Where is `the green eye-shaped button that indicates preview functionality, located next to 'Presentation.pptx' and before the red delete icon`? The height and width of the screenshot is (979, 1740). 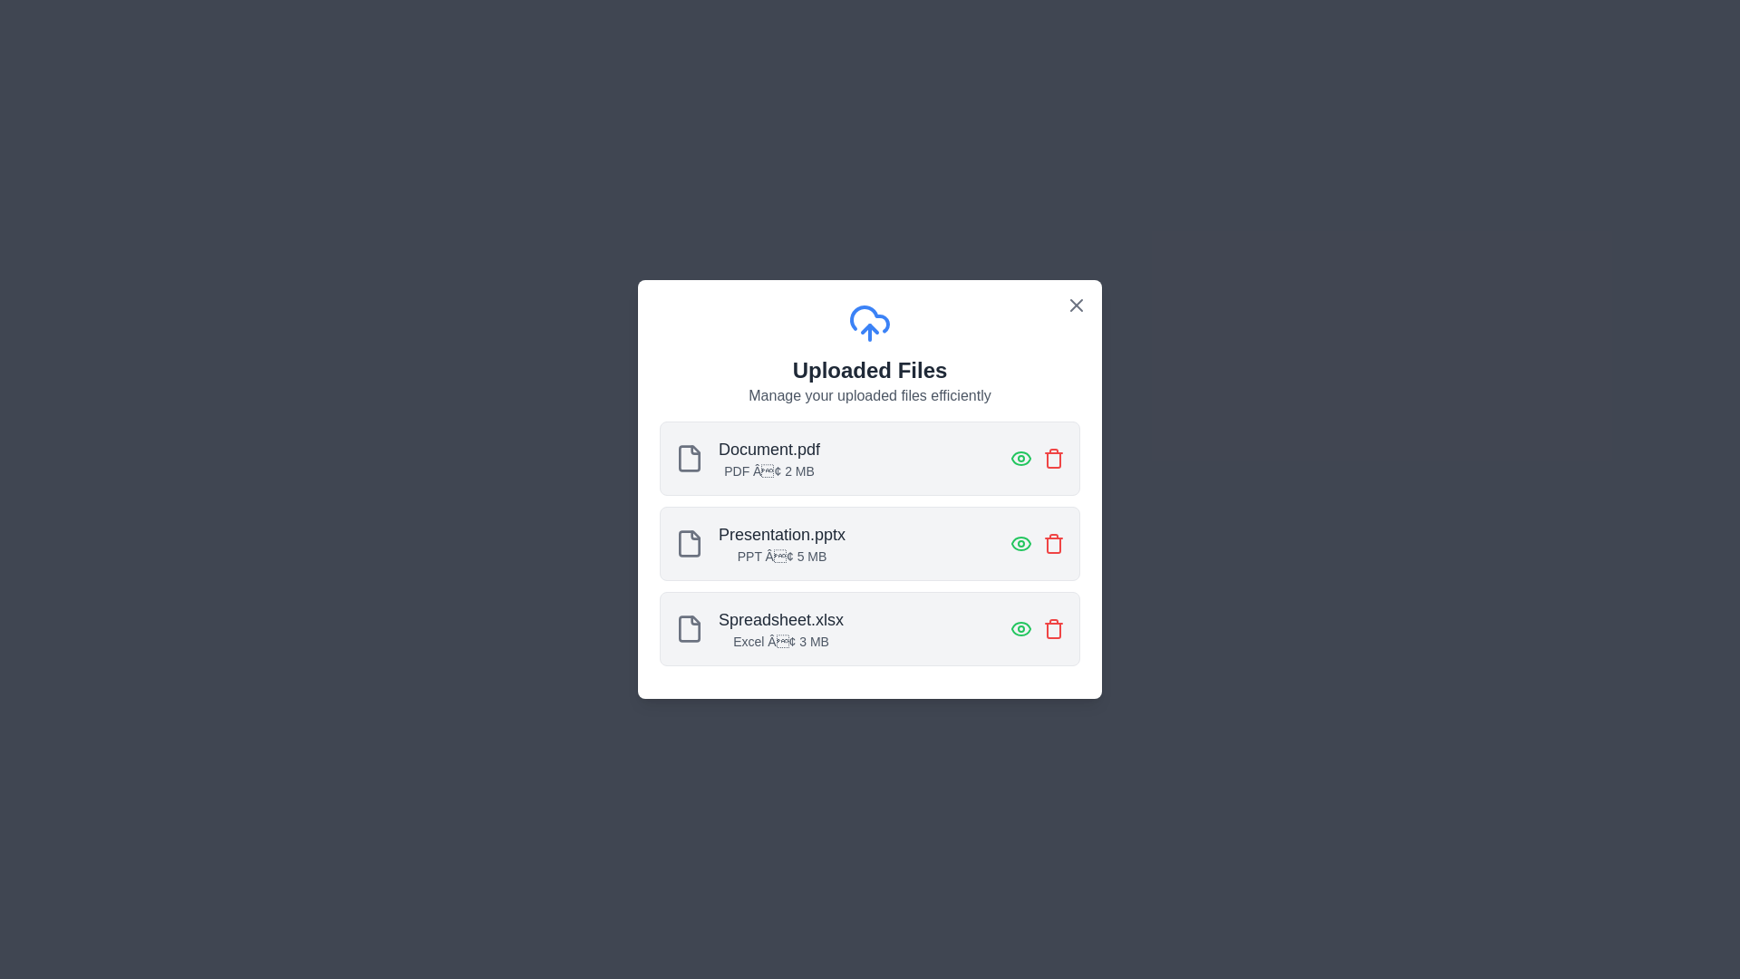 the green eye-shaped button that indicates preview functionality, located next to 'Presentation.pptx' and before the red delete icon is located at coordinates (1021, 543).